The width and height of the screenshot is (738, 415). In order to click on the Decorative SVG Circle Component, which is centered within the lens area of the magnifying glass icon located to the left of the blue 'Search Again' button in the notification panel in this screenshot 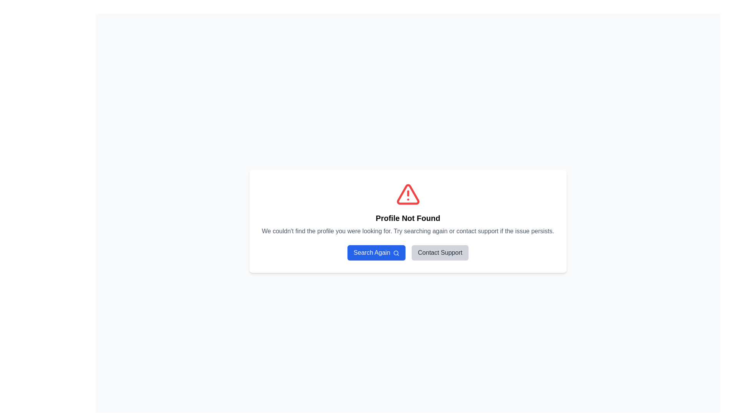, I will do `click(396, 253)`.